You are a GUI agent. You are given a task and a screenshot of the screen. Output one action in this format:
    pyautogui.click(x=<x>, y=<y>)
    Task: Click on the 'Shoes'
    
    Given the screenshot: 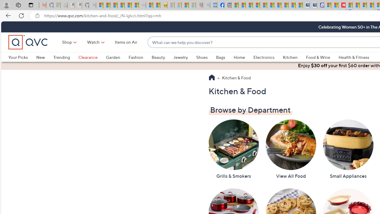 What is the action you would take?
    pyautogui.click(x=206, y=57)
    